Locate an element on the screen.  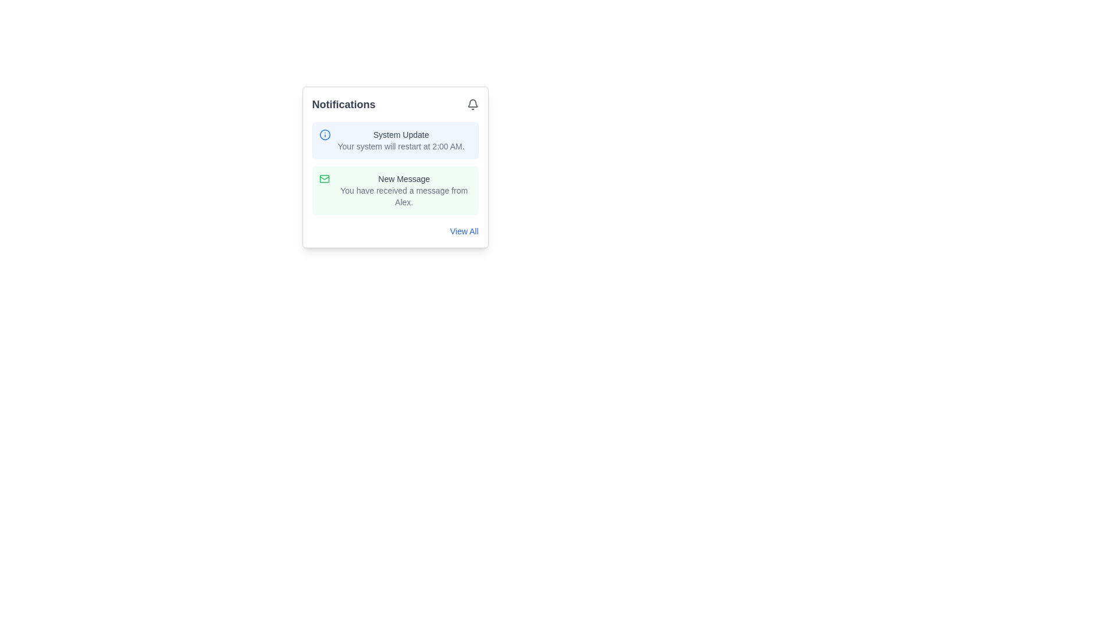
the bell icon in the upper-right corner of the notification panel if its functionality is active is located at coordinates (472, 102).